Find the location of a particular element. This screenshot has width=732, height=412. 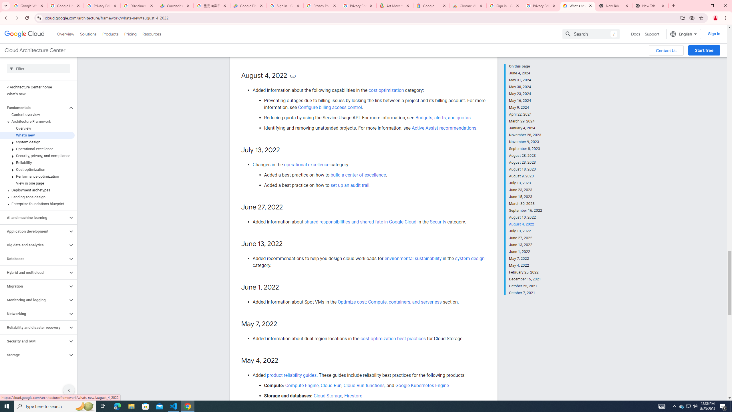

'June 15, 2023' is located at coordinates (526, 196).